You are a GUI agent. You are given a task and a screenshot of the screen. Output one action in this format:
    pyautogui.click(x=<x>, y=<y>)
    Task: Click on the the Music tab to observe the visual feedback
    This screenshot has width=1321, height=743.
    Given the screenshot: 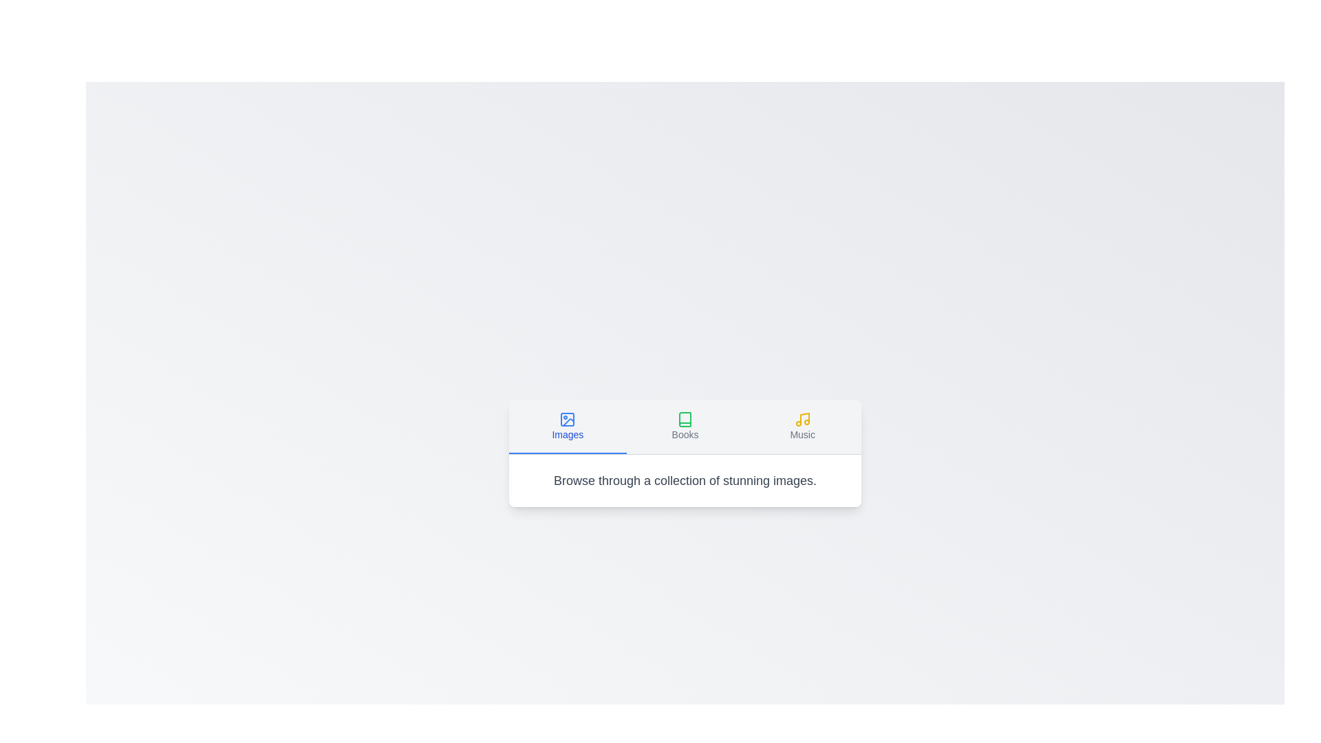 What is the action you would take?
    pyautogui.click(x=802, y=426)
    